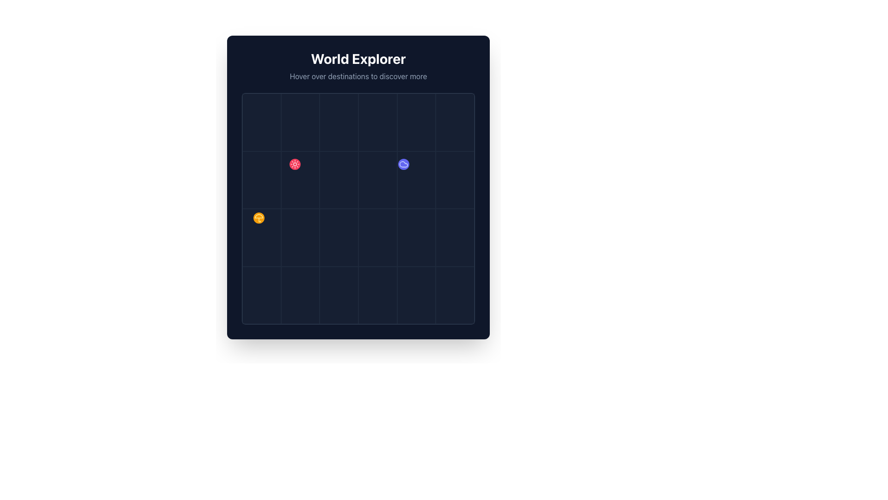 This screenshot has height=500, width=888. Describe the element at coordinates (339, 180) in the screenshot. I see `the rectangular grid cell located in the third column of the second row, which is styled with a light slate border and is part of a larger grid layout` at that location.